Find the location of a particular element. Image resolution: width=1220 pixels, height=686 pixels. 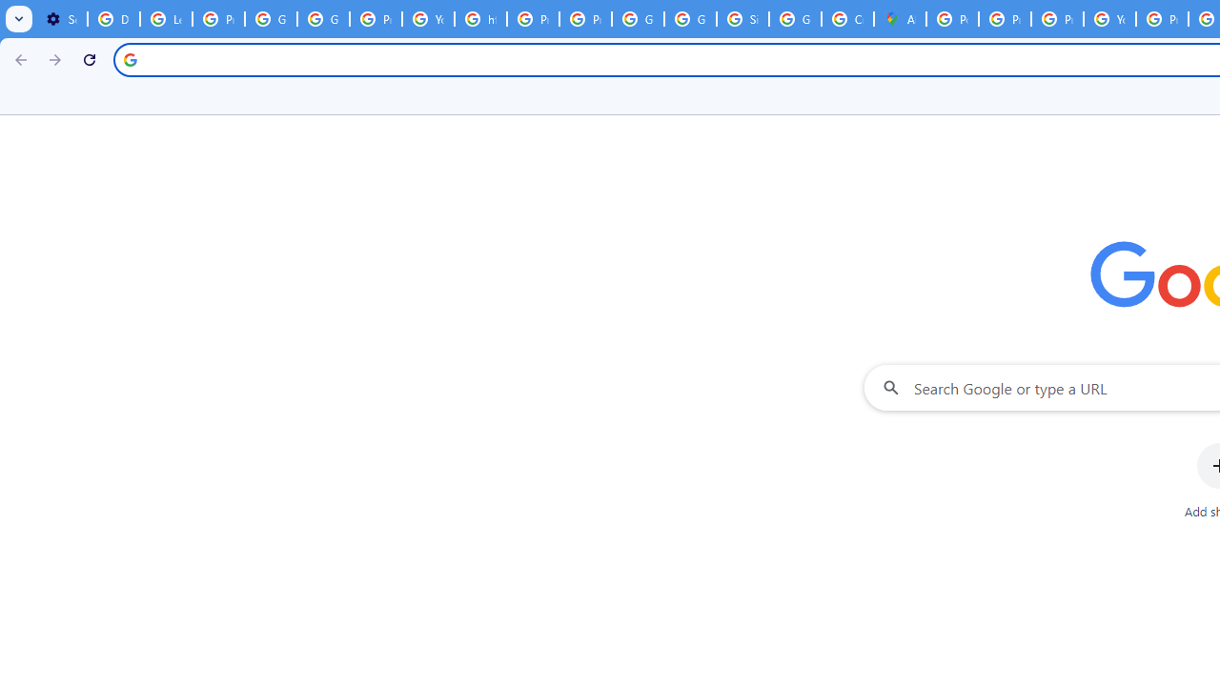

'Settings - On startup' is located at coordinates (61, 19).